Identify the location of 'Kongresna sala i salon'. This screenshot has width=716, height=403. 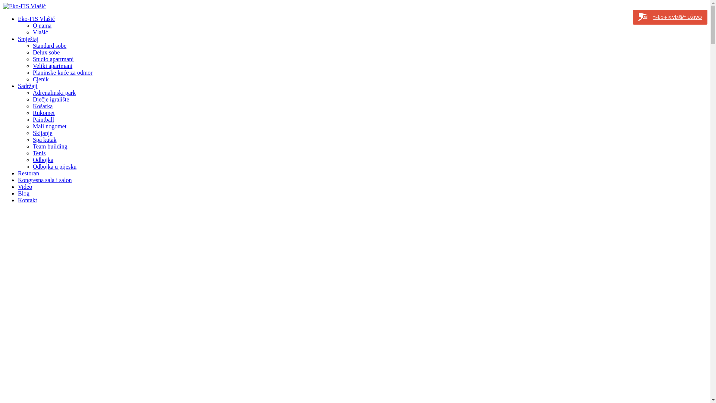
(18, 180).